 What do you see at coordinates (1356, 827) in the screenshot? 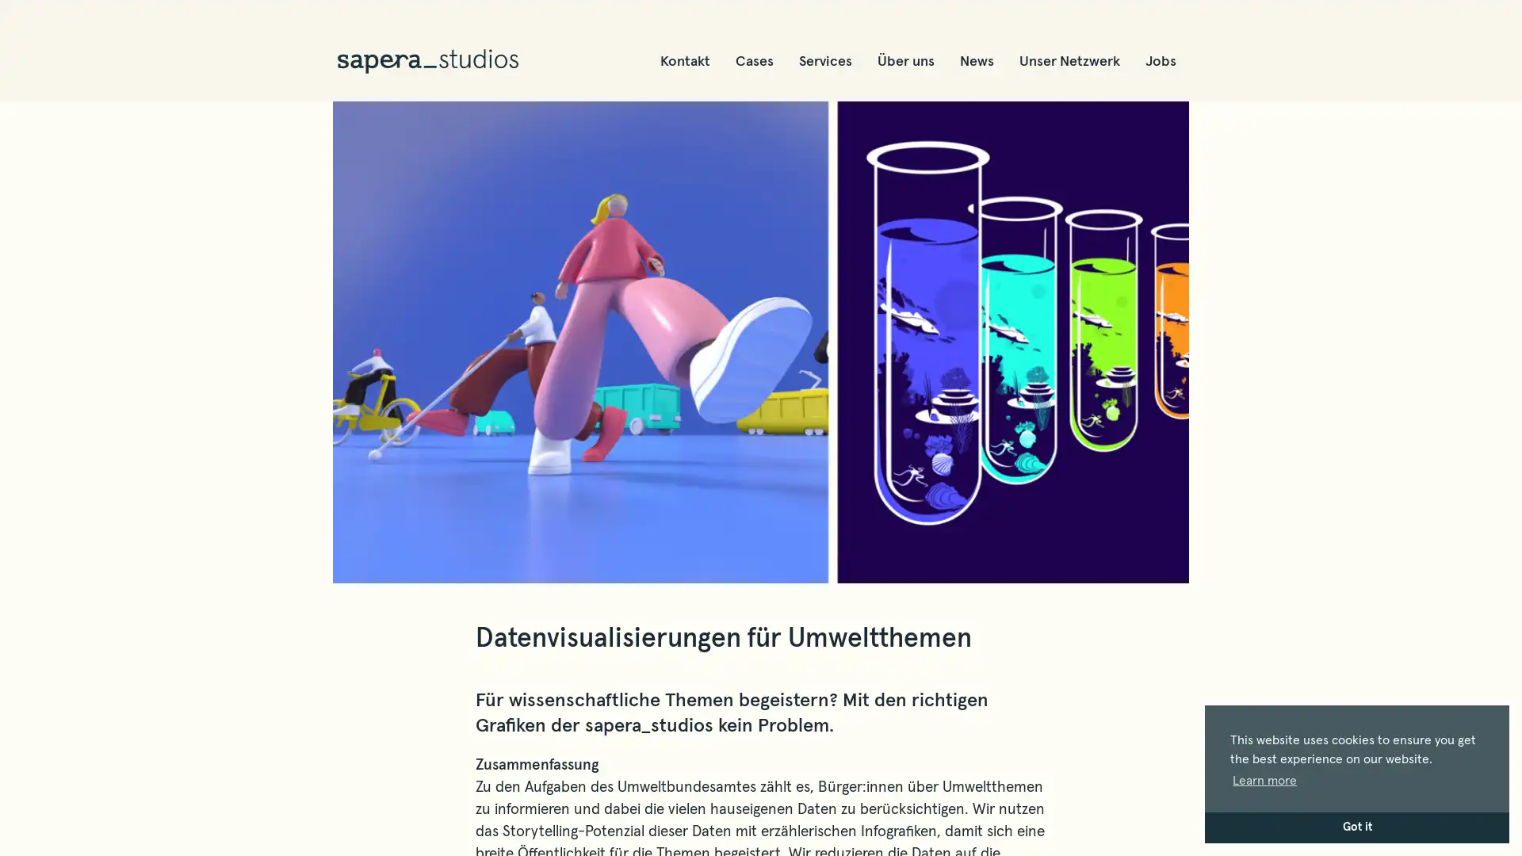
I see `dismiss cookie message` at bounding box center [1356, 827].